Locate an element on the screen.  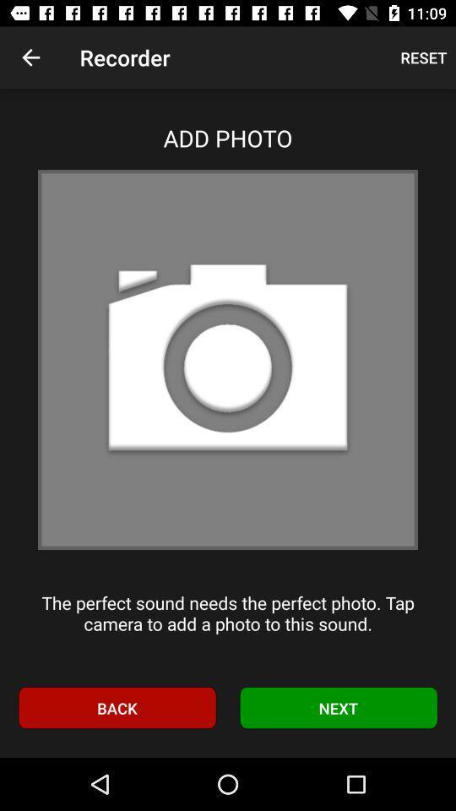
icon next to the recorder app is located at coordinates (30, 57).